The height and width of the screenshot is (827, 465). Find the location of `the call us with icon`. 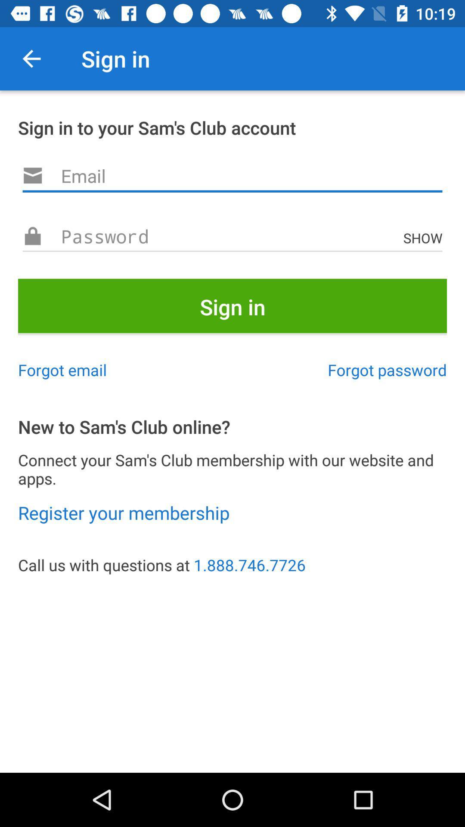

the call us with icon is located at coordinates (232, 565).